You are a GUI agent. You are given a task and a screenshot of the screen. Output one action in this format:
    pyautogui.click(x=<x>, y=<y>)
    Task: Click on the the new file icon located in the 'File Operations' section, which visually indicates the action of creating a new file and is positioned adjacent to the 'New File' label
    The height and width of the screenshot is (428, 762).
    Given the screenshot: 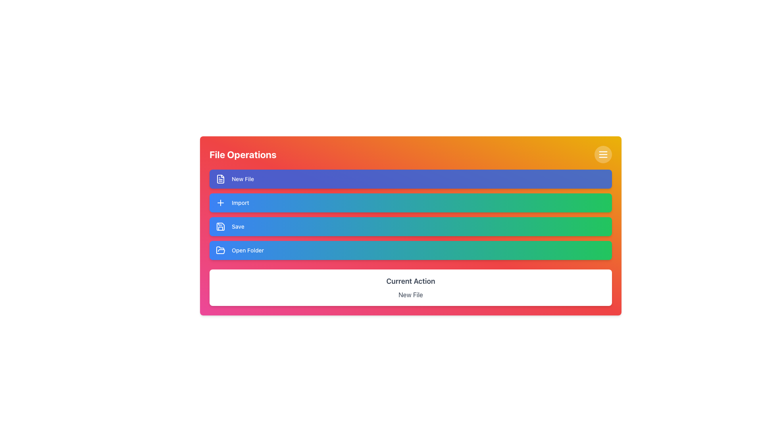 What is the action you would take?
    pyautogui.click(x=221, y=179)
    